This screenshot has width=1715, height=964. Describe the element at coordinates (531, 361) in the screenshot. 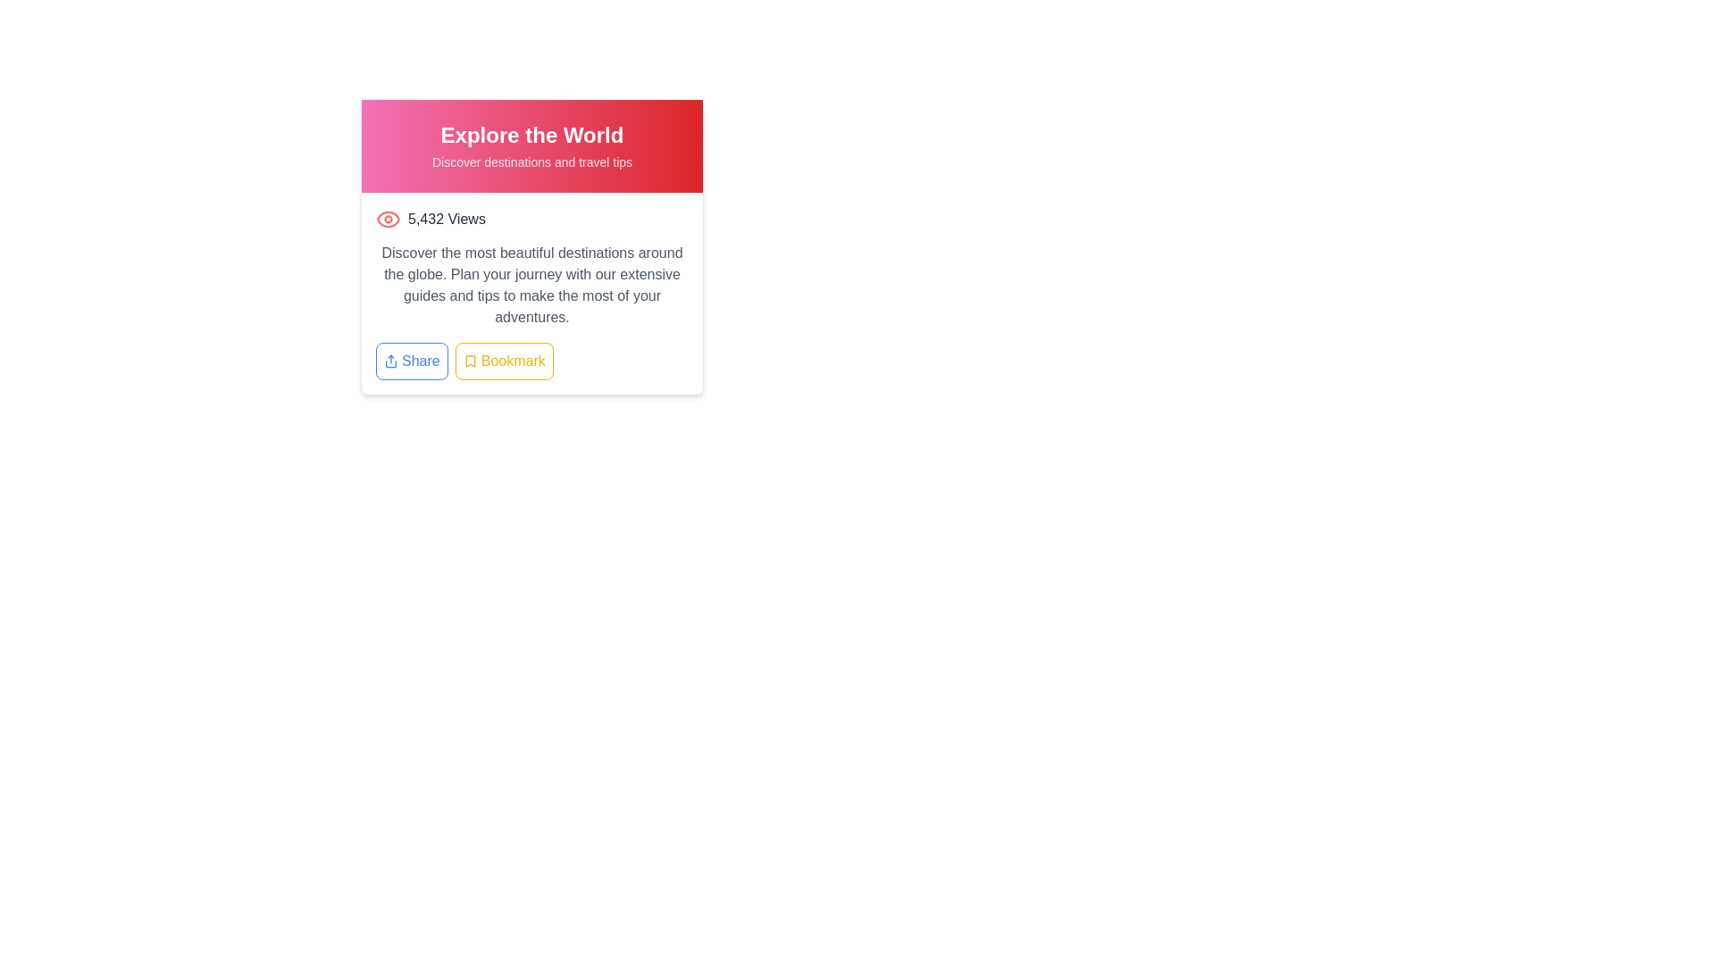

I see `the second button in the horizontal group` at that location.